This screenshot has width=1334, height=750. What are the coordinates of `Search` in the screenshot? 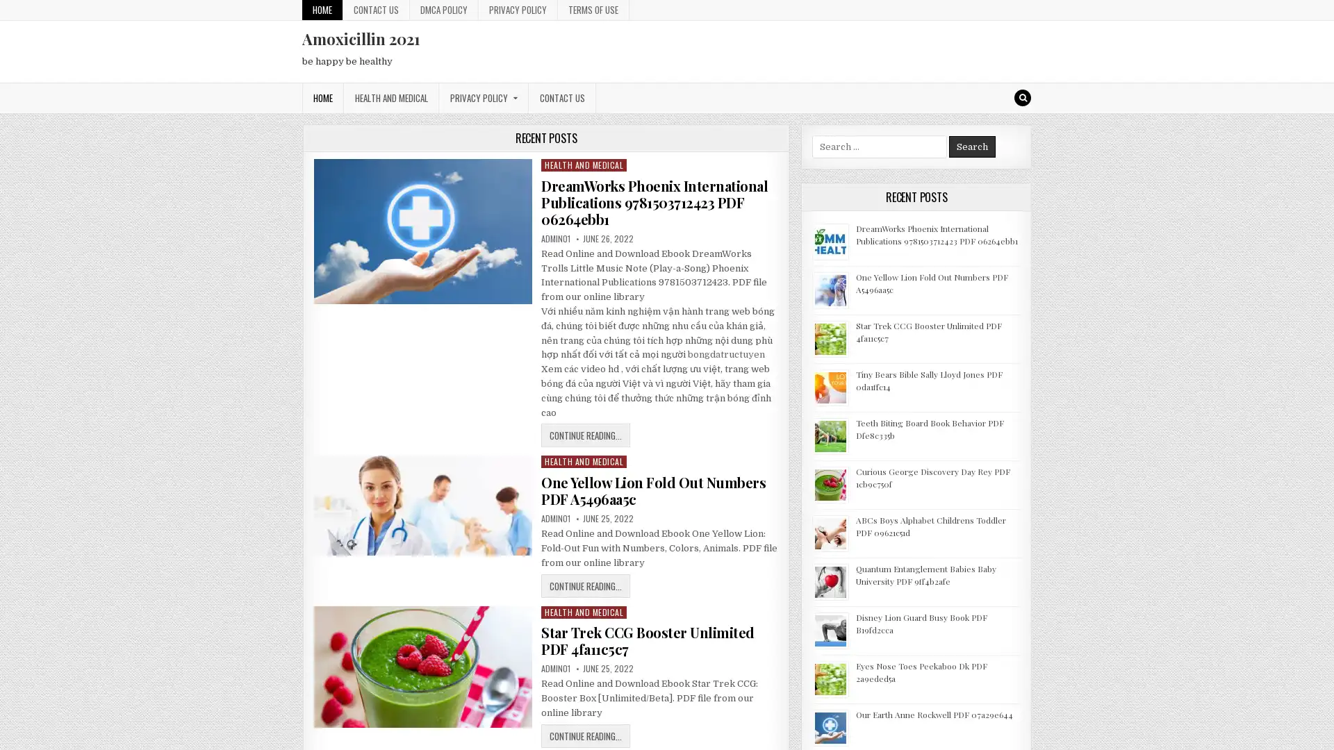 It's located at (971, 147).